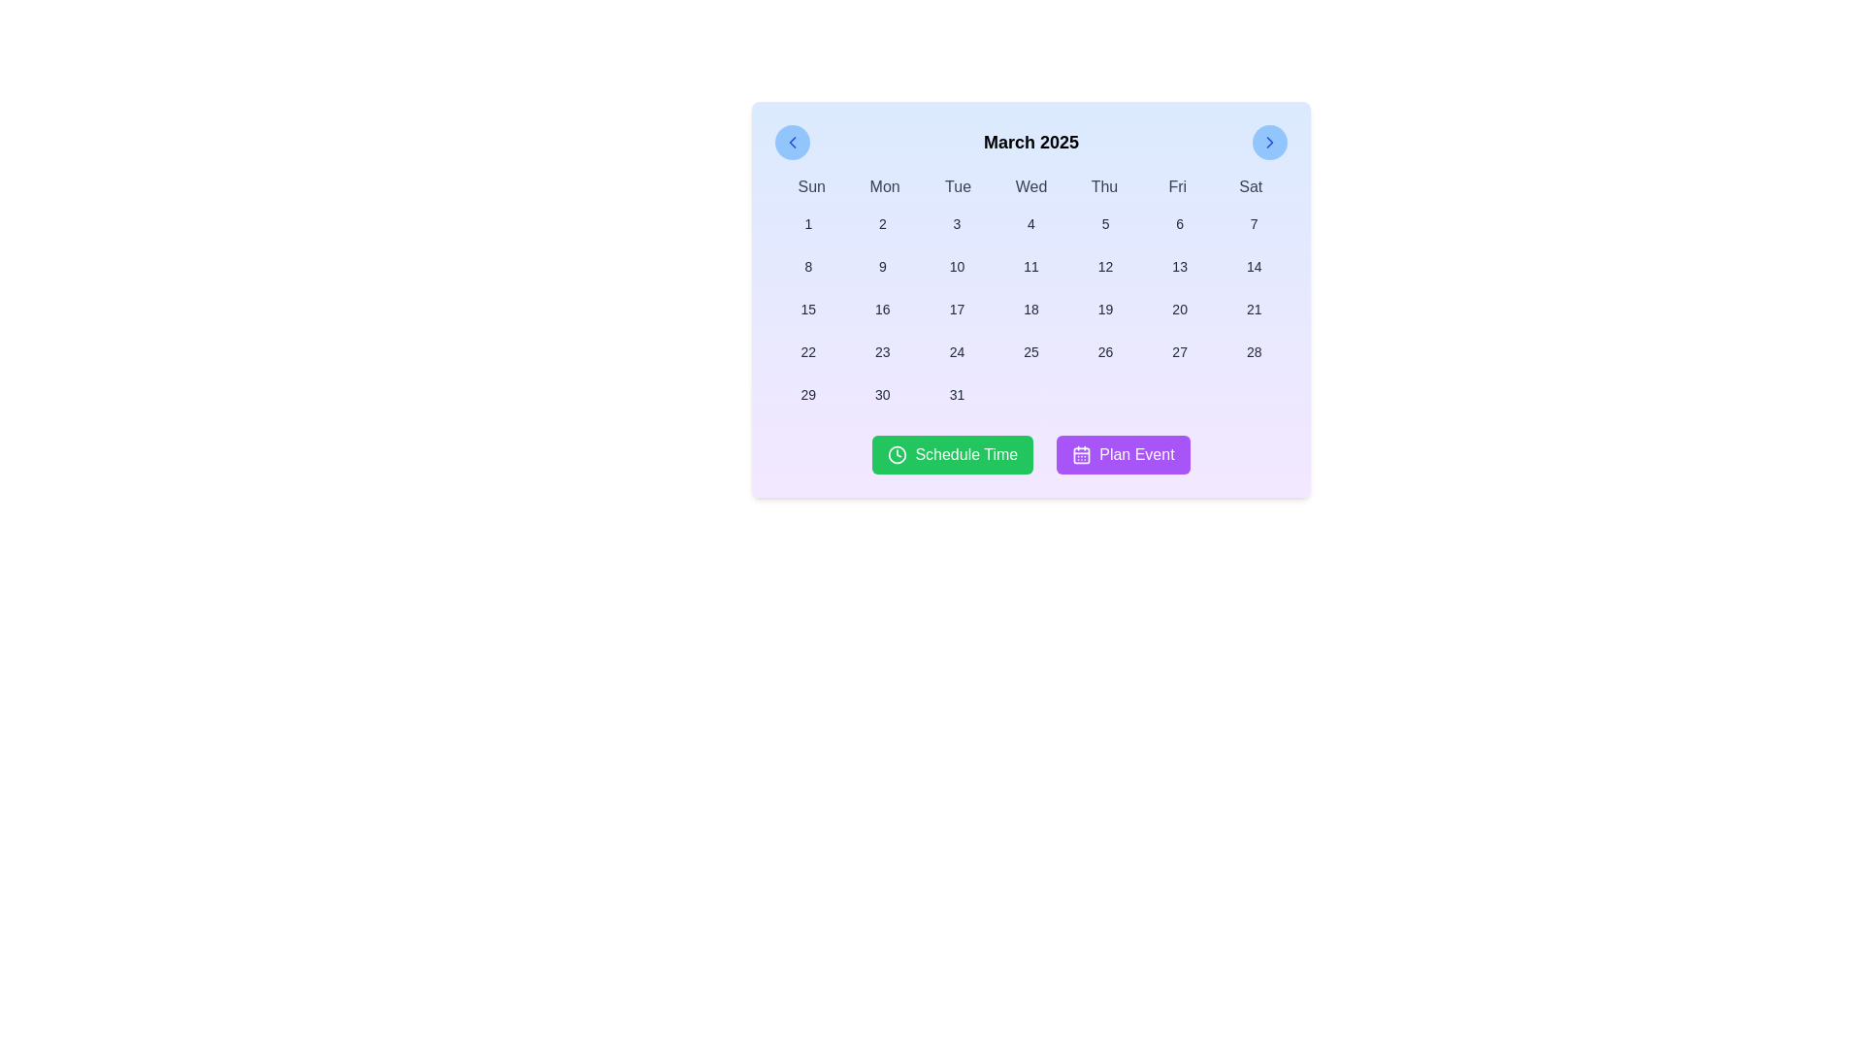 Image resolution: width=1863 pixels, height=1048 pixels. I want to click on the date selector button for '25', so click(1030, 351).